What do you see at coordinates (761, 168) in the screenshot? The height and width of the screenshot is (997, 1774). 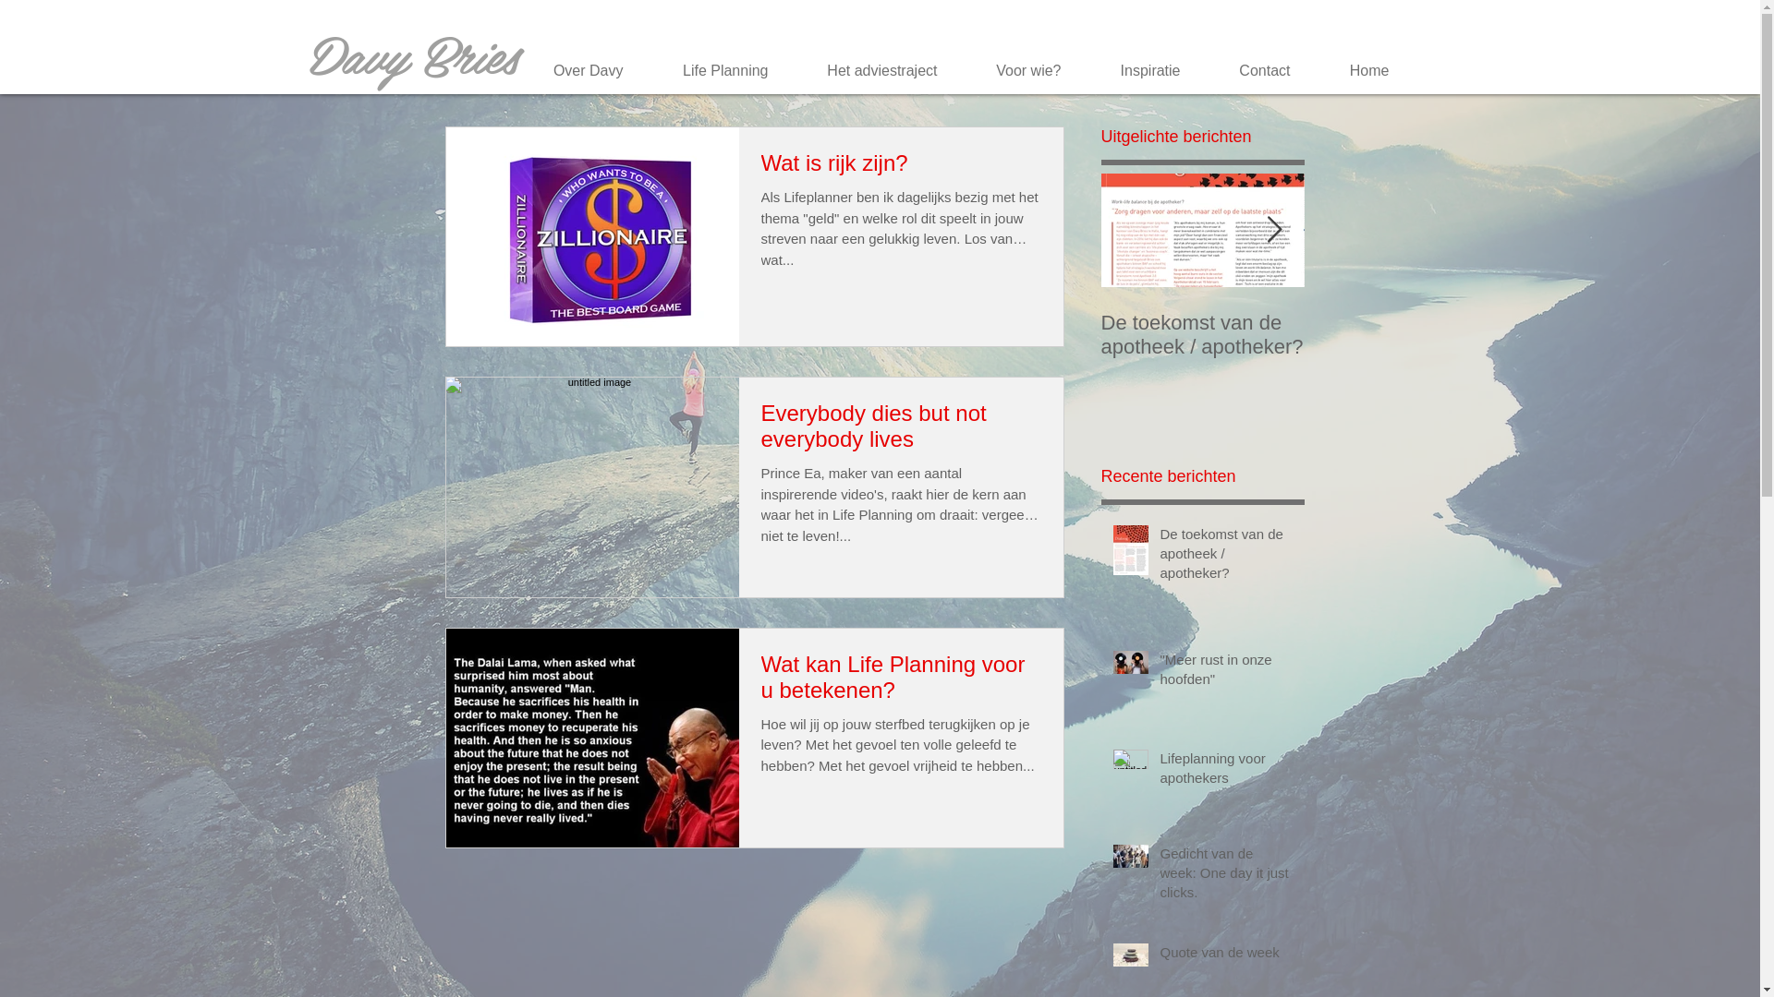 I see `'Wat is rijk zijn?'` at bounding box center [761, 168].